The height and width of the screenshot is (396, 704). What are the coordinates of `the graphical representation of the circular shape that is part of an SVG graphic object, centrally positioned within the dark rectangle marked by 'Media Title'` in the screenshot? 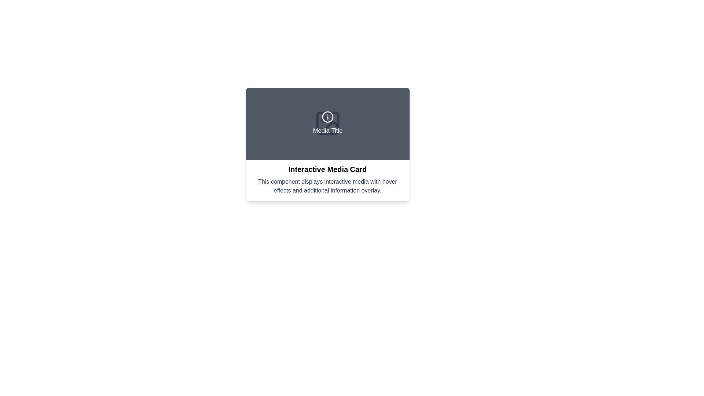 It's located at (327, 117).